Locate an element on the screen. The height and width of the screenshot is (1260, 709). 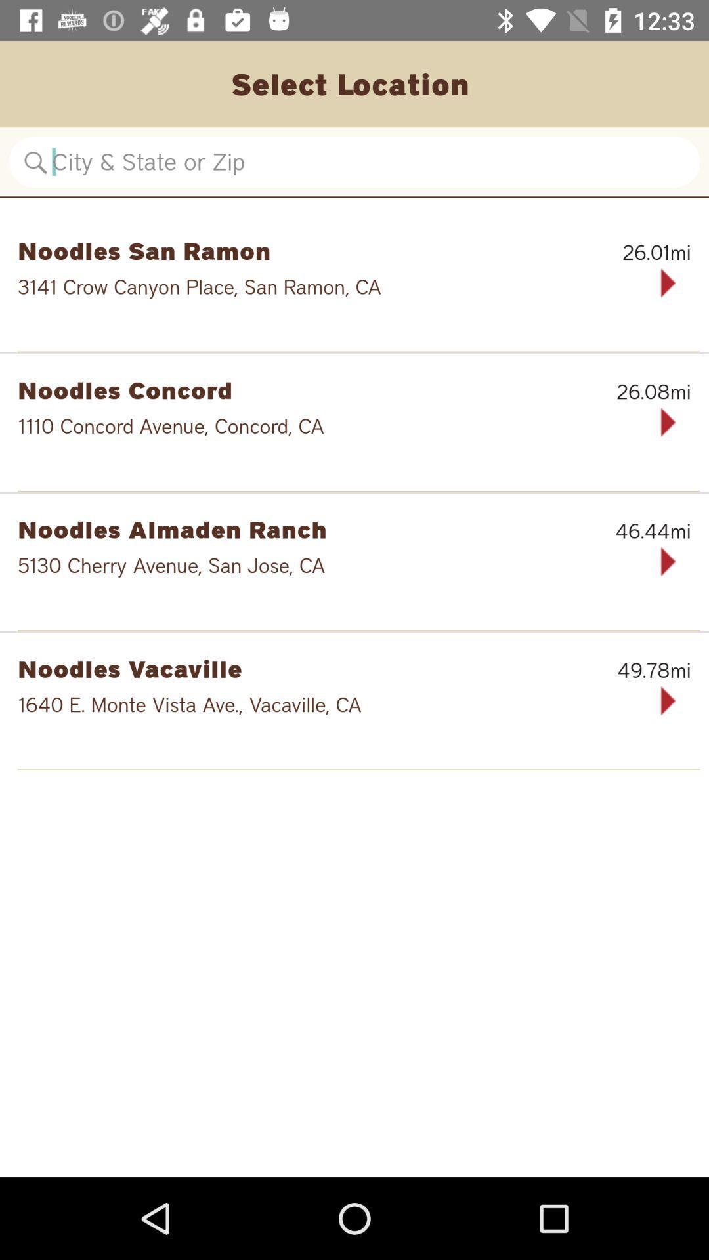
item to the right of the noodles vacaville  icon is located at coordinates (623, 670).